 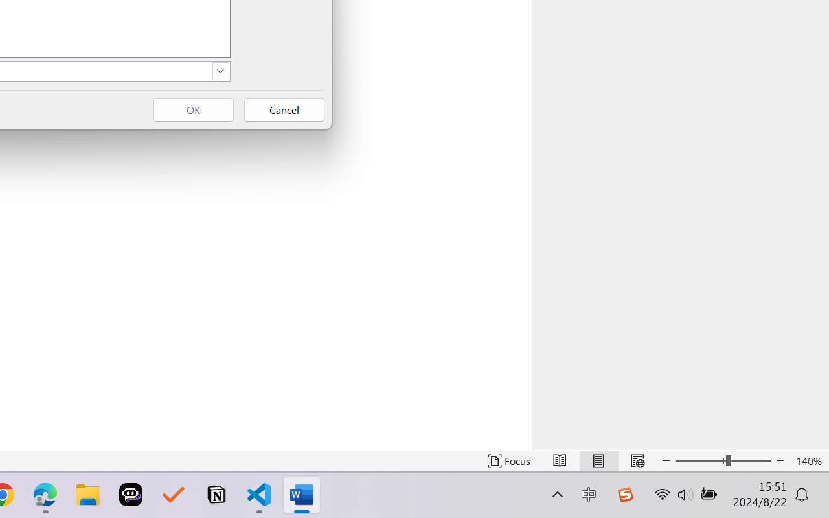 What do you see at coordinates (192, 109) in the screenshot?
I see `'OK'` at bounding box center [192, 109].